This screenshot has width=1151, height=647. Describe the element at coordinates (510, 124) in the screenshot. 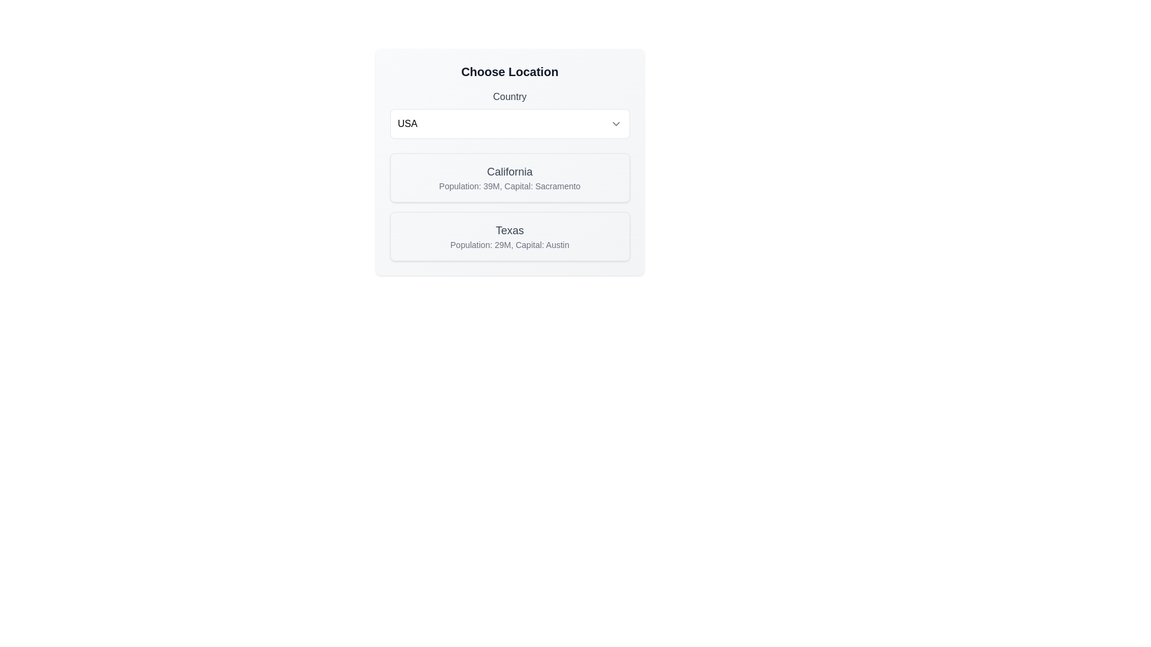

I see `the Dropdown selector for choosing a country, currently displaying 'USA'` at that location.